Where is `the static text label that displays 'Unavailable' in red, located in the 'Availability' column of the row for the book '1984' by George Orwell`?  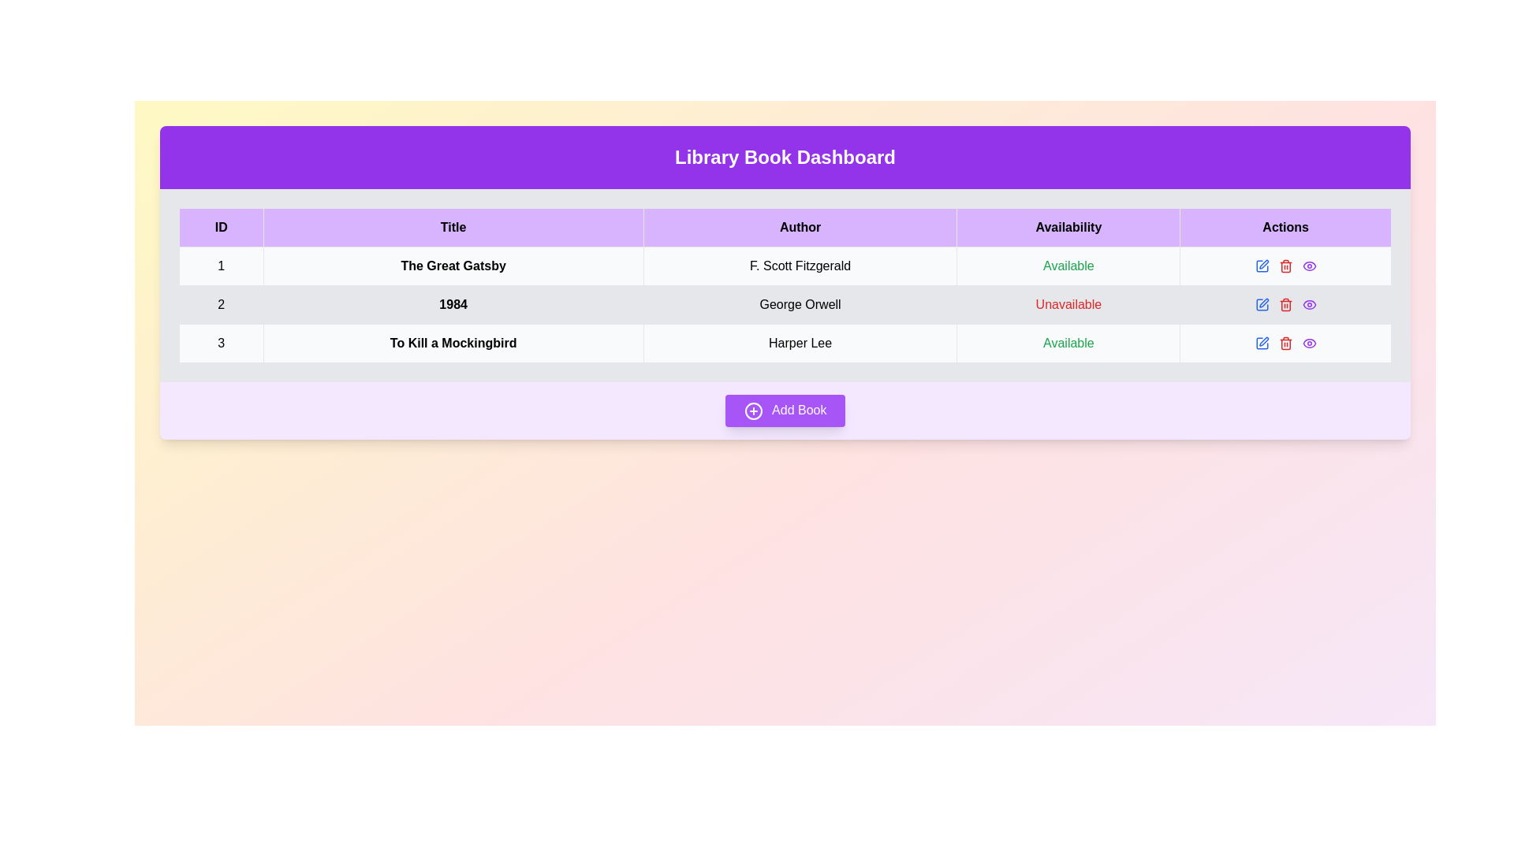
the static text label that displays 'Unavailable' in red, located in the 'Availability' column of the row for the book '1984' by George Orwell is located at coordinates (1068, 304).